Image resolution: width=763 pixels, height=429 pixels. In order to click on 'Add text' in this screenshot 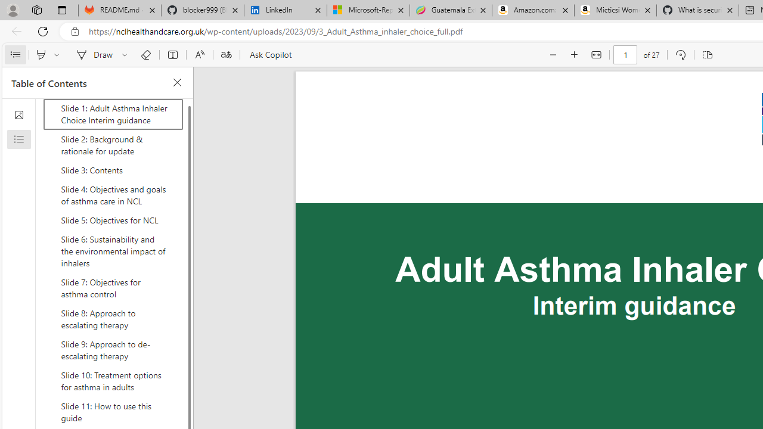, I will do `click(172, 55)`.